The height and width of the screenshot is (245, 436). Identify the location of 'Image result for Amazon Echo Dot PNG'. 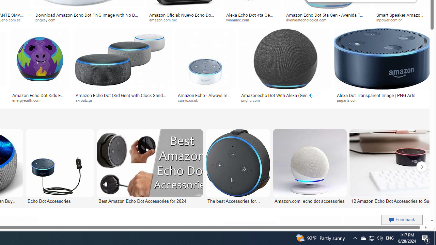
(383, 58).